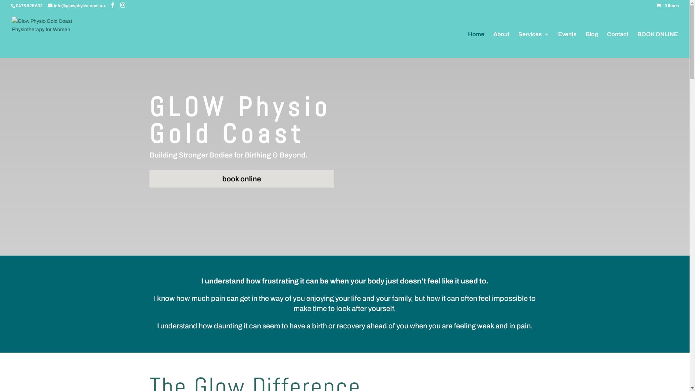  What do you see at coordinates (637, 45) in the screenshot?
I see `'BOOK ONLINE'` at bounding box center [637, 45].